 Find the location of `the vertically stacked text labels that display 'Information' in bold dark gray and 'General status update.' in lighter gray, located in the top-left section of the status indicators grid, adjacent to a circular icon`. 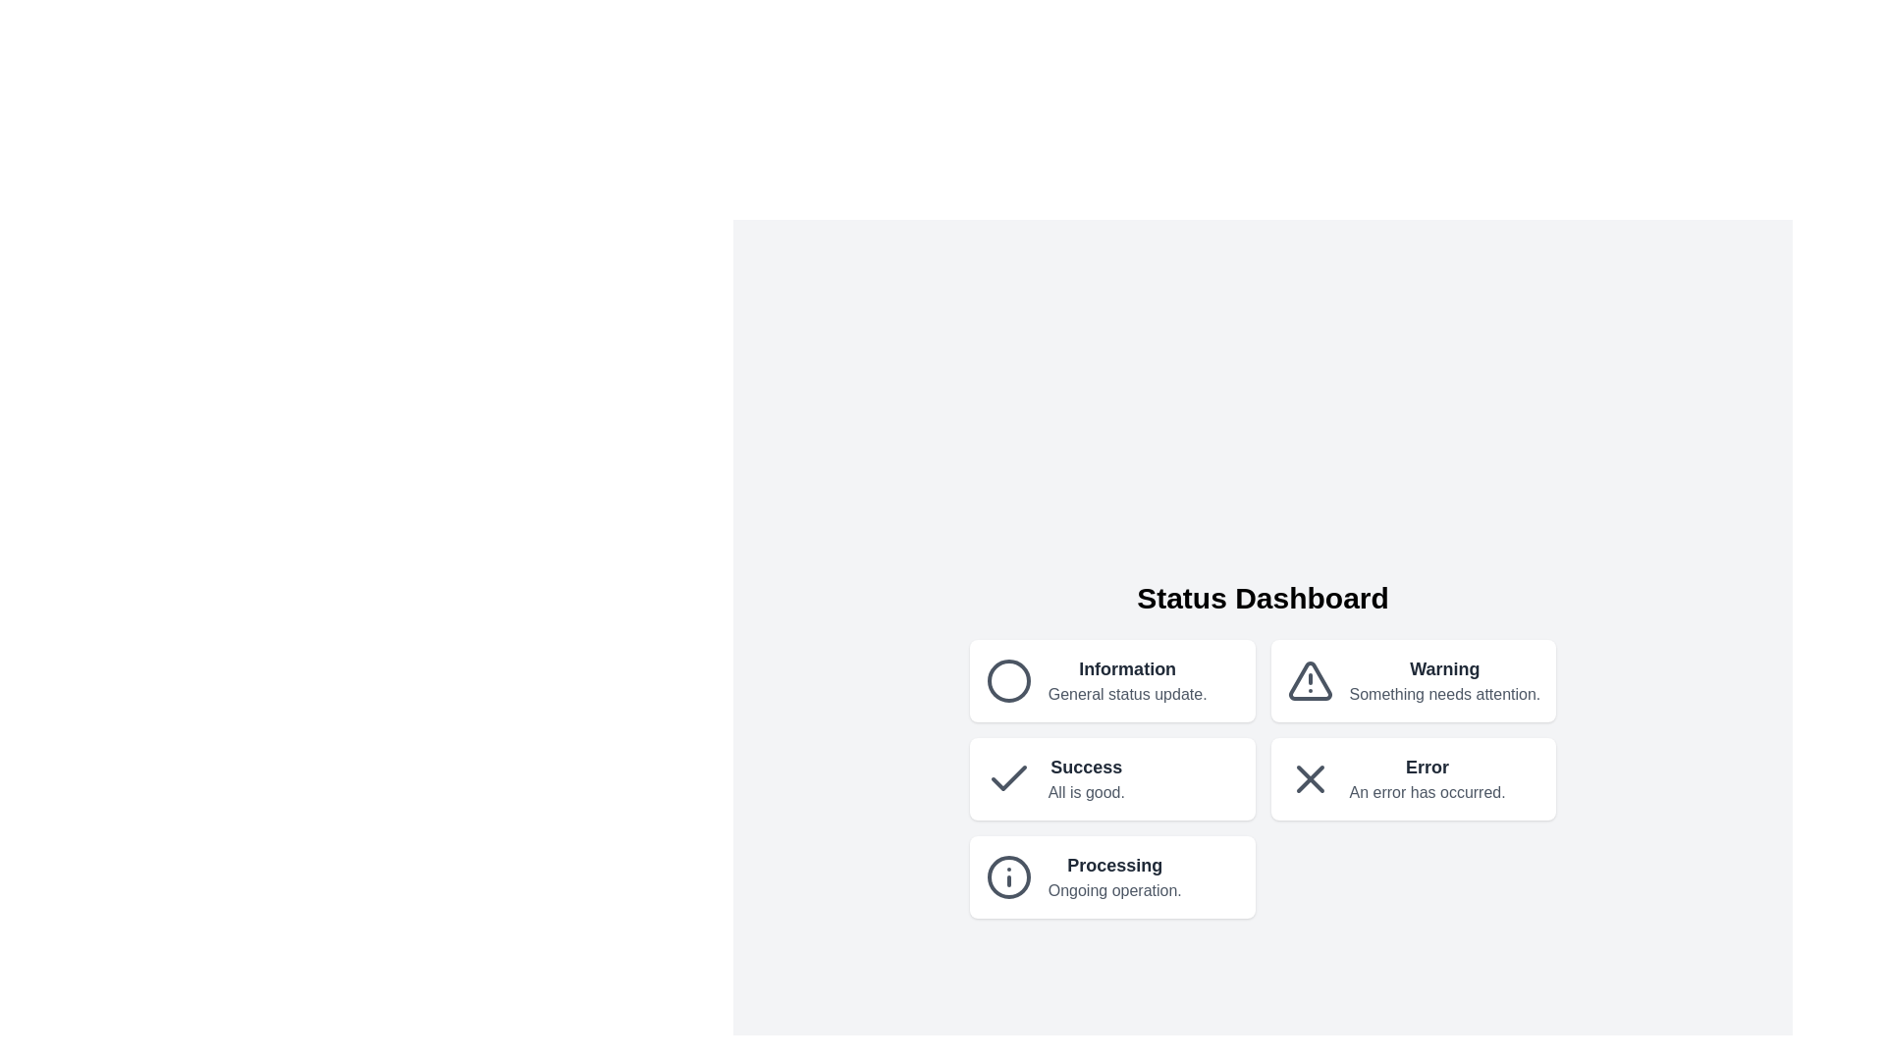

the vertically stacked text labels that display 'Information' in bold dark gray and 'General status update.' in lighter gray, located in the top-left section of the status indicators grid, adjacent to a circular icon is located at coordinates (1127, 680).